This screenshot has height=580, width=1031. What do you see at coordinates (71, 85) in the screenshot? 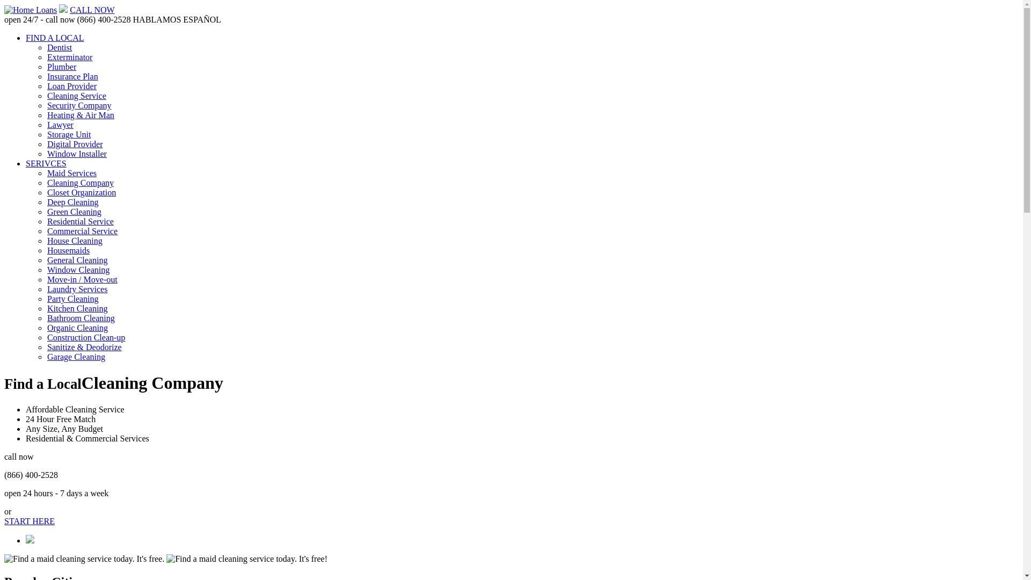
I see `'Loan Provider'` at bounding box center [71, 85].